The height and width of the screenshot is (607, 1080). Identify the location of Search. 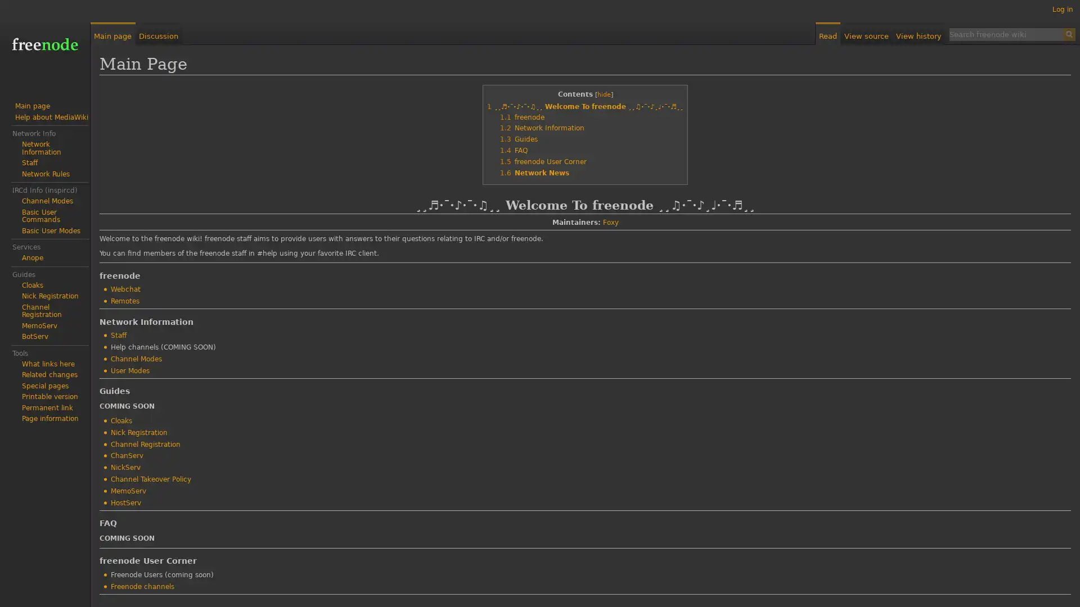
(1068, 34).